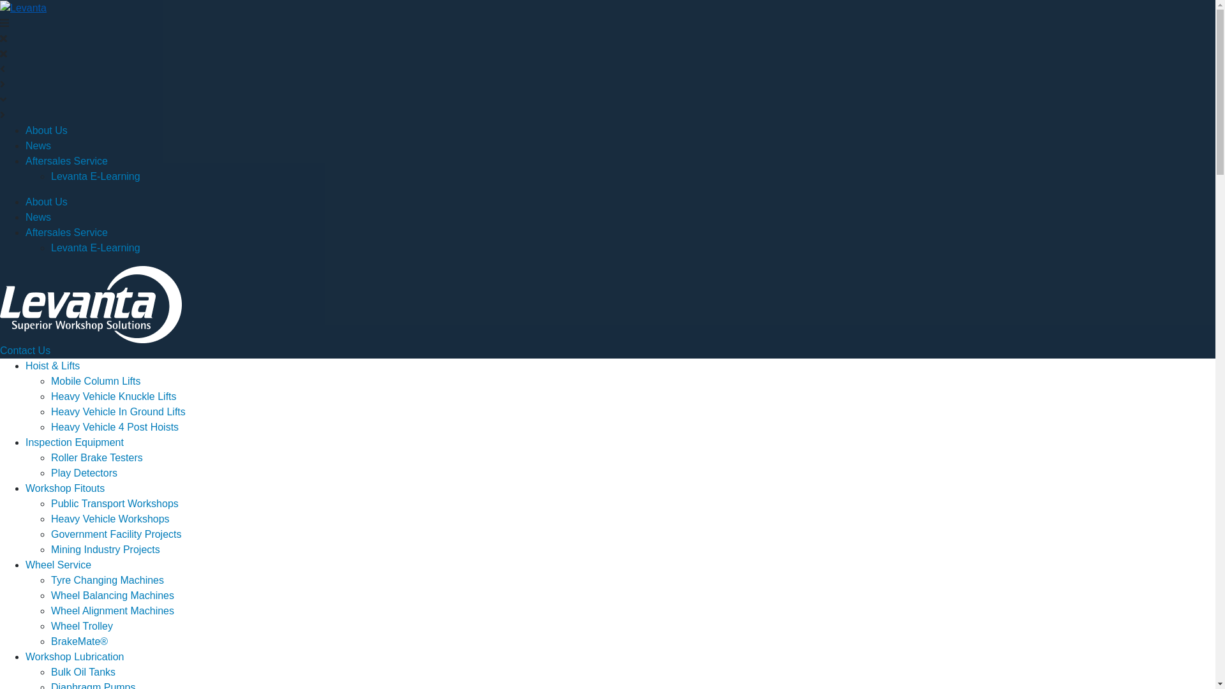 Image resolution: width=1225 pixels, height=689 pixels. What do you see at coordinates (51, 610) in the screenshot?
I see `'Wheel Alignment Machines'` at bounding box center [51, 610].